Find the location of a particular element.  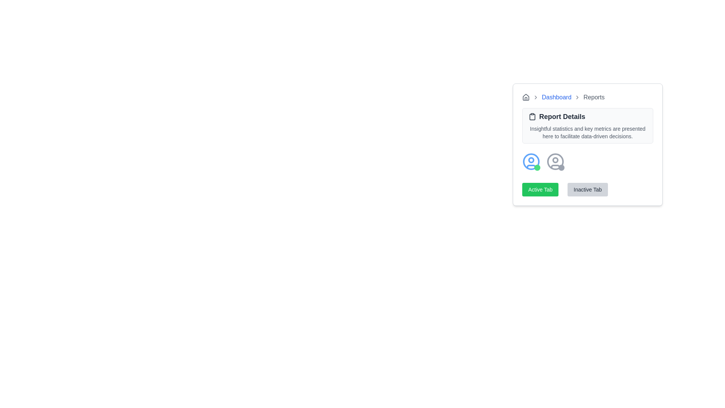

the User Icon, which is the second icon in a horizontal arrangement under the 'Report Details' card and is positioned to the right of a similar user icon with a green circle on the bottom right is located at coordinates (555, 161).